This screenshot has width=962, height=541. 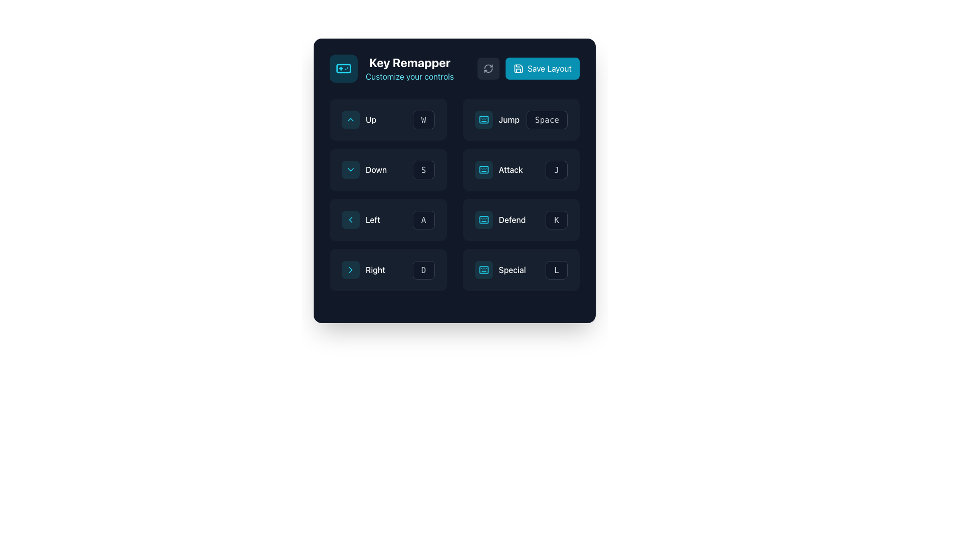 What do you see at coordinates (351, 269) in the screenshot?
I see `the chevron icon located to the left of the 'Right' text and above the key label 'D' in the bottom-left region of the interface` at bounding box center [351, 269].